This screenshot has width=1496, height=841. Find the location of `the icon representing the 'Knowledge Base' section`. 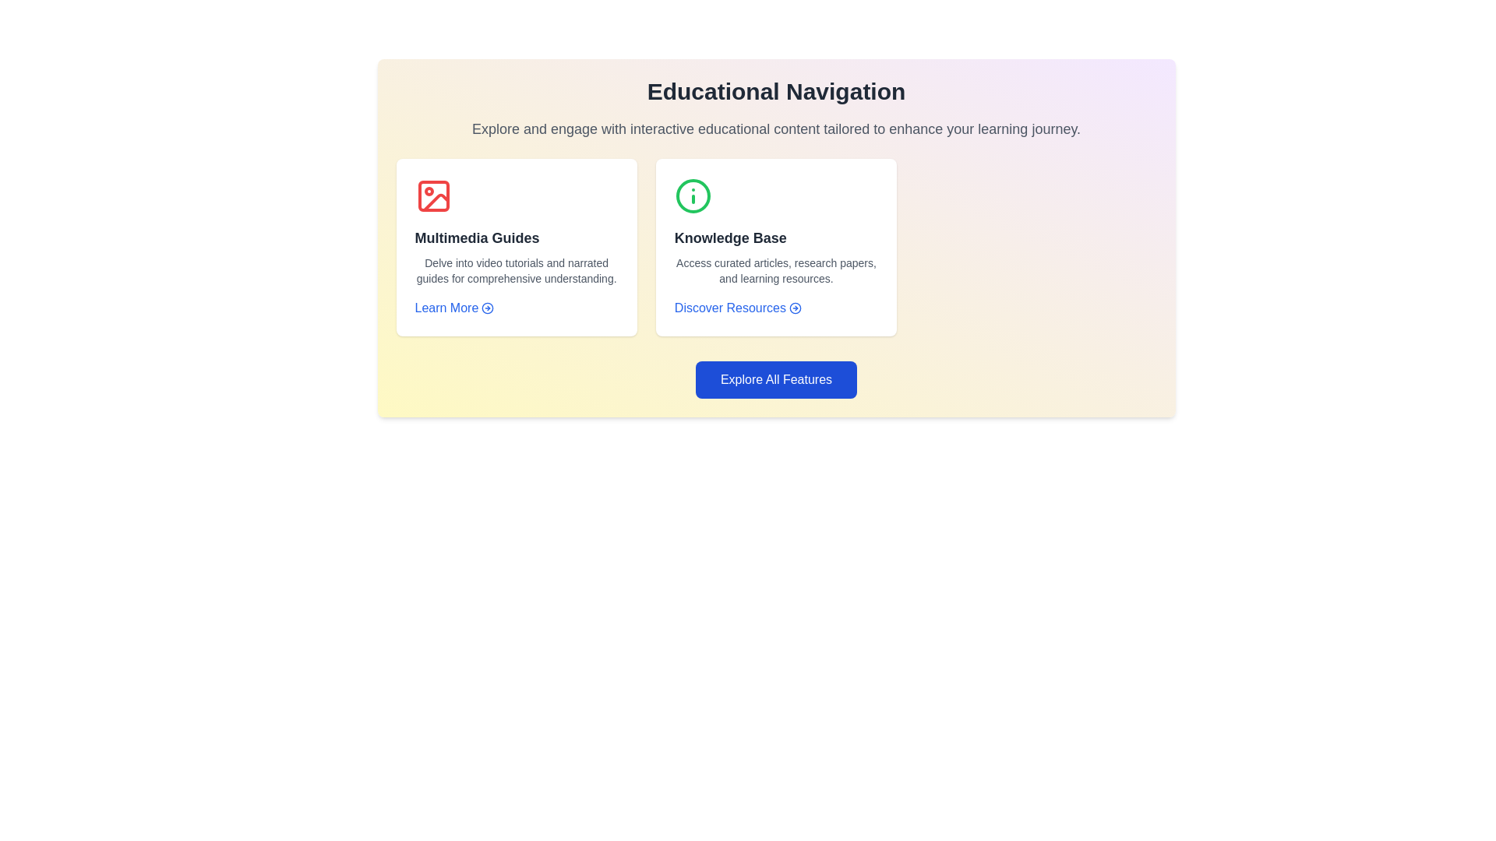

the icon representing the 'Knowledge Base' section is located at coordinates (692, 195).